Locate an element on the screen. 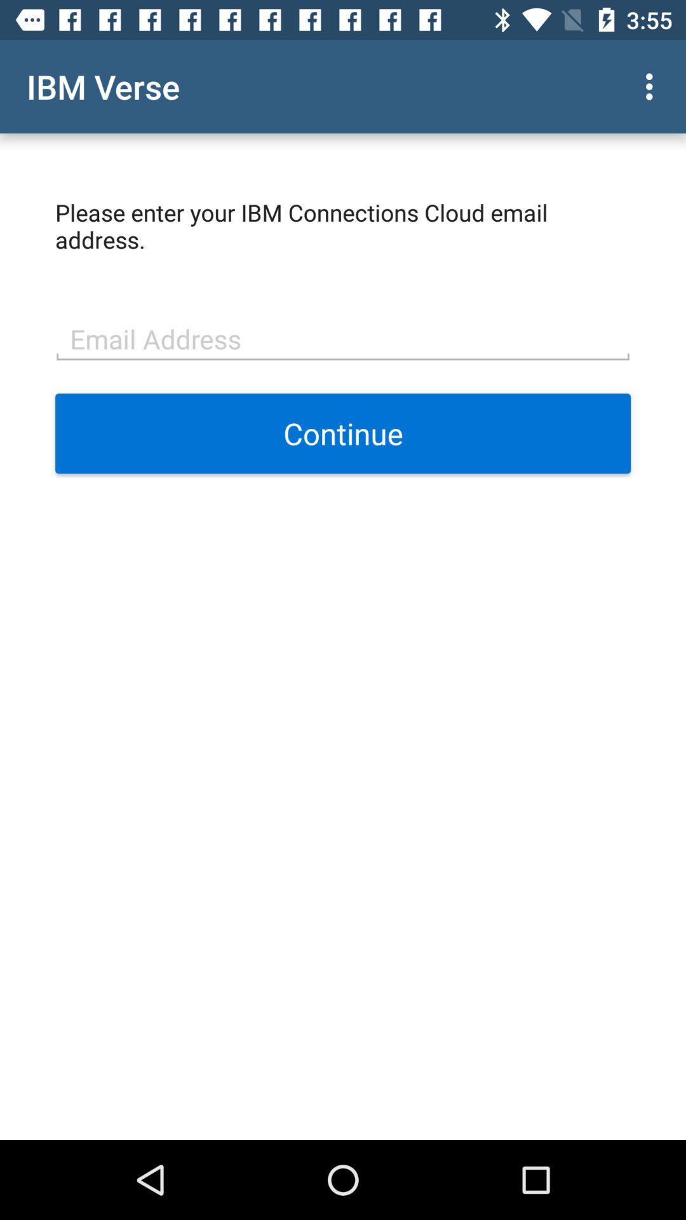  item next to ibm verse is located at coordinates (652, 86).